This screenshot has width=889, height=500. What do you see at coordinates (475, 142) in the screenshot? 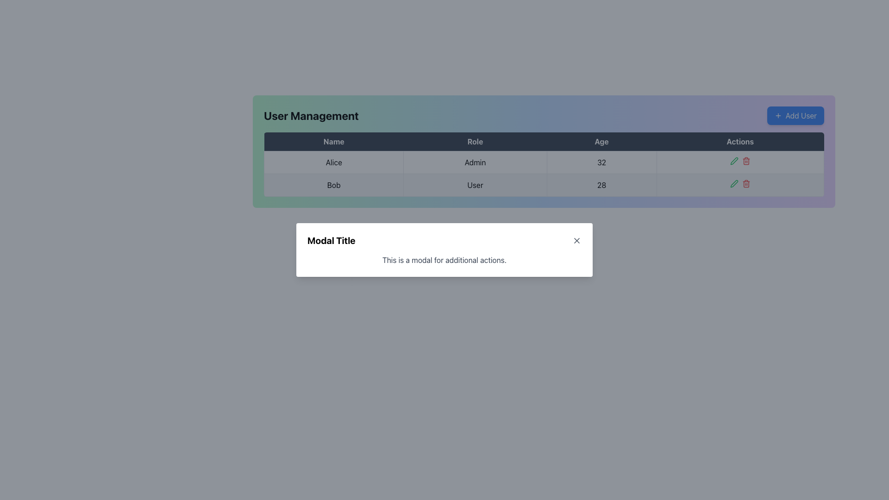
I see `the second column header in the table that indicates user roles, located between 'Name' and 'Age'` at bounding box center [475, 142].